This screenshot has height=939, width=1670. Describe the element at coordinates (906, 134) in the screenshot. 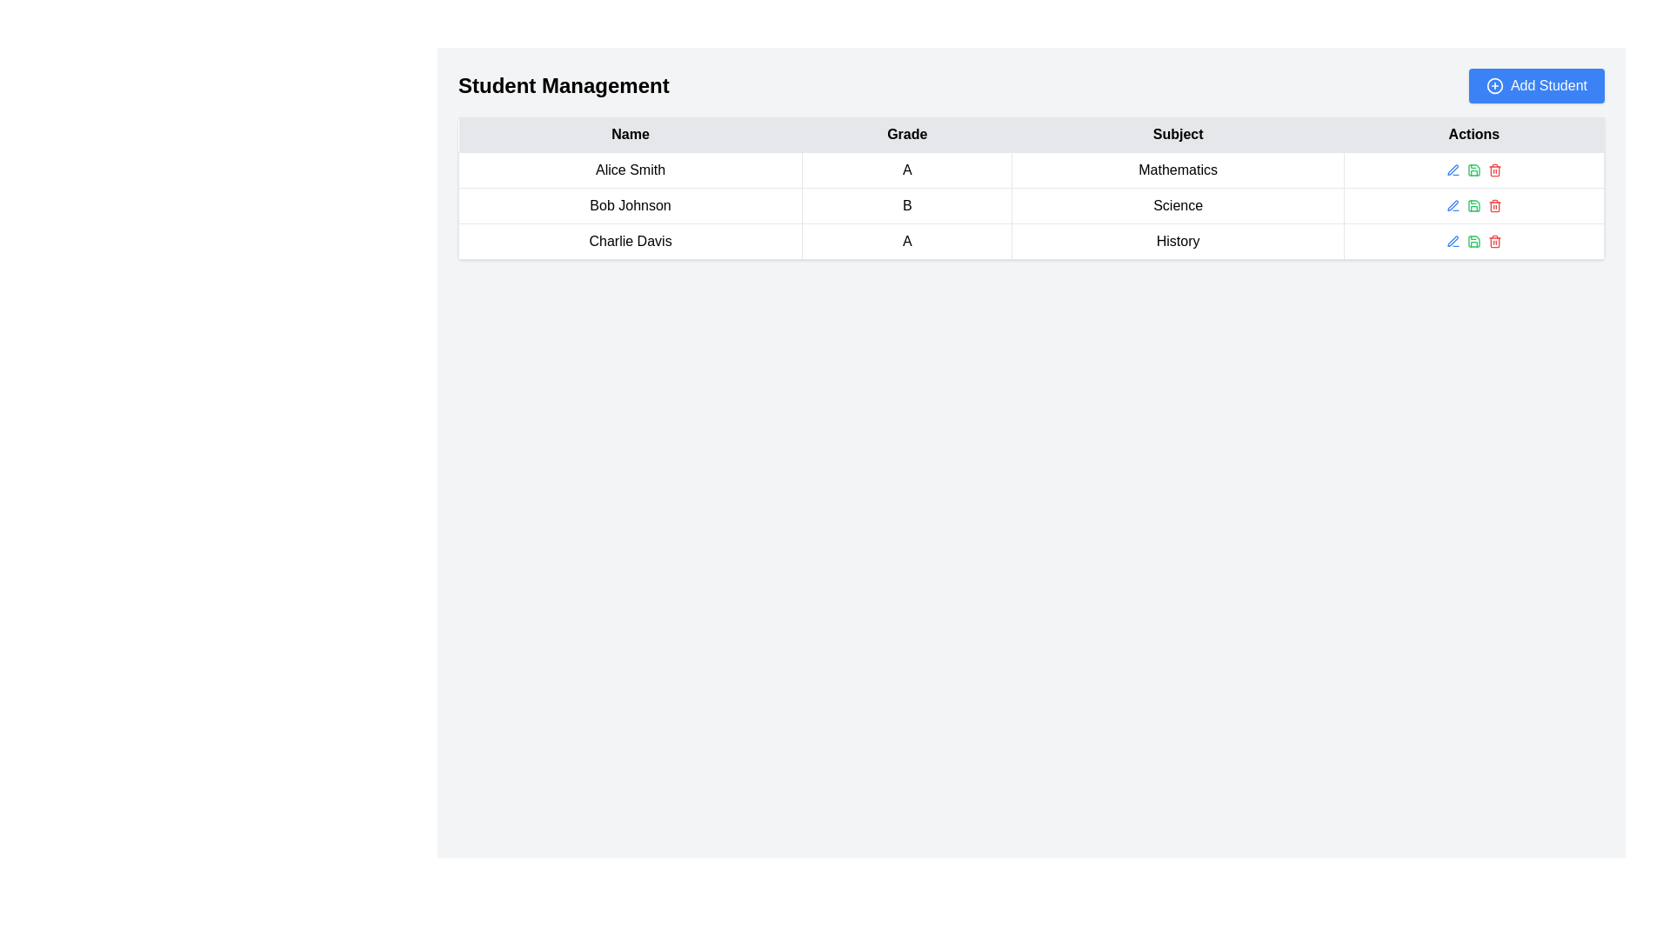

I see `the 'Grade' column header in the table, which is the static text label positioned between the 'Name' and 'Subject' headers` at that location.